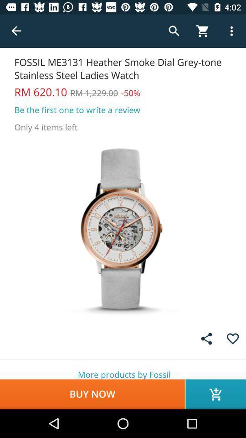  What do you see at coordinates (206, 338) in the screenshot?
I see `share icon` at bounding box center [206, 338].